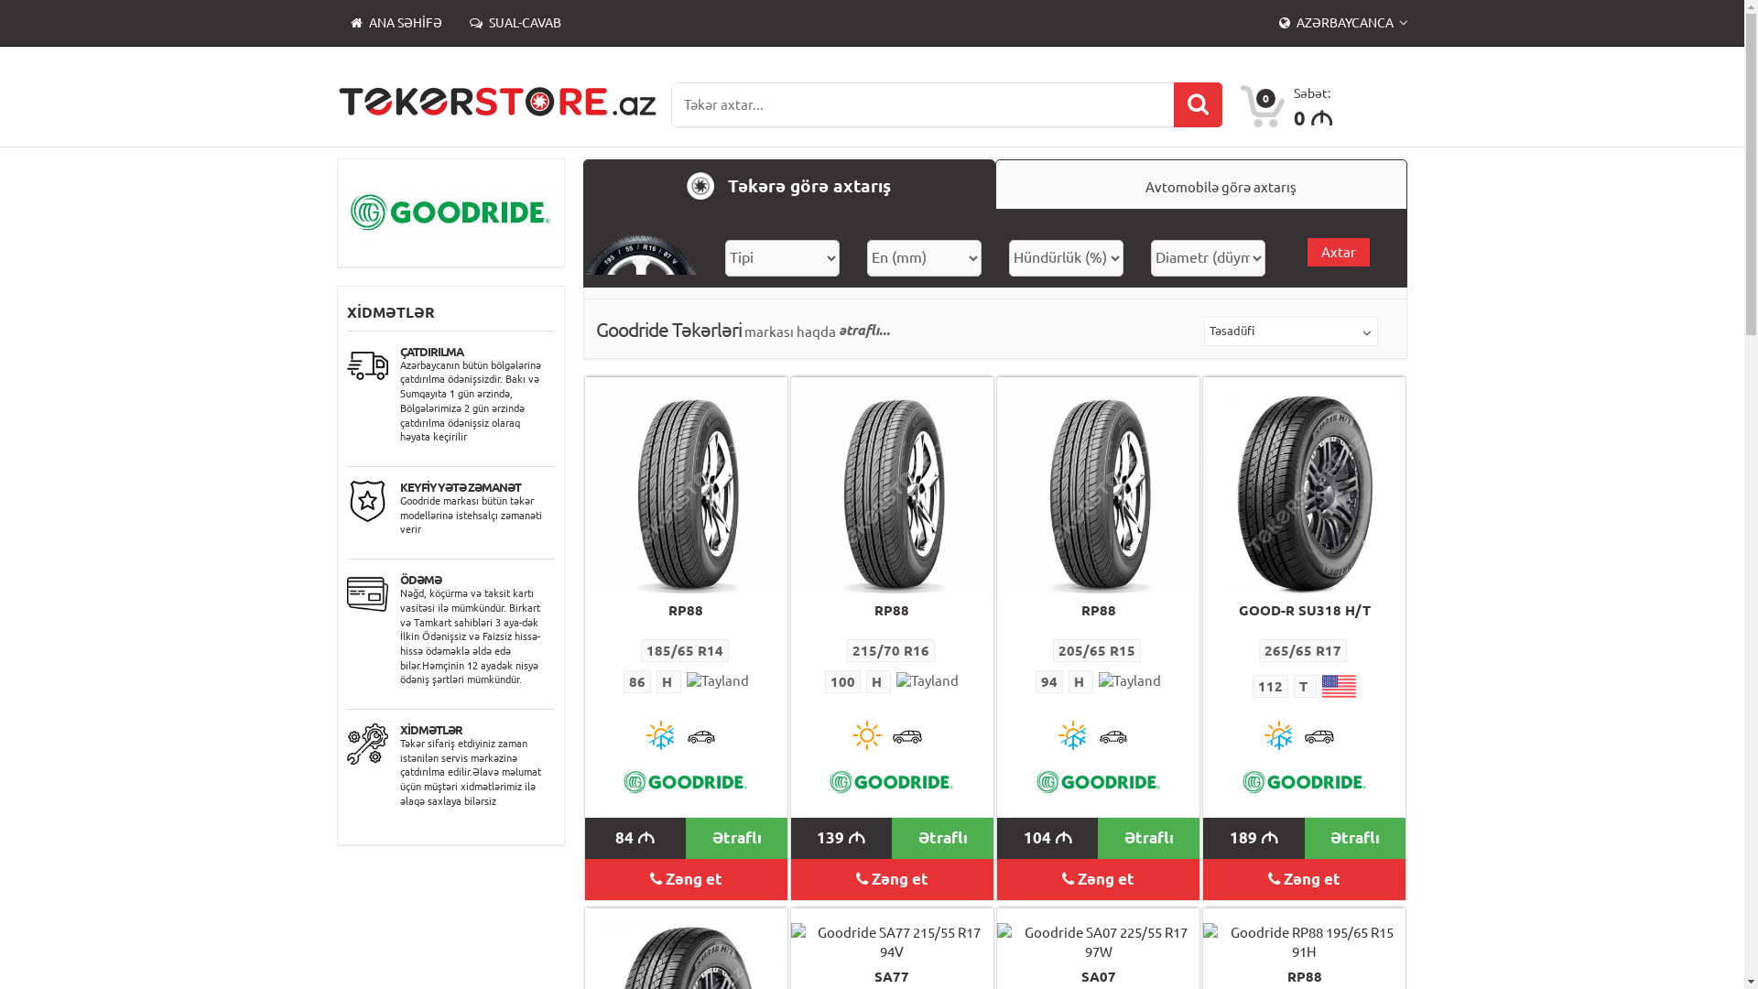 This screenshot has width=1758, height=989. Describe the element at coordinates (1203, 942) in the screenshot. I see `'Goodride RP88 195/65 R15 91H'` at that location.